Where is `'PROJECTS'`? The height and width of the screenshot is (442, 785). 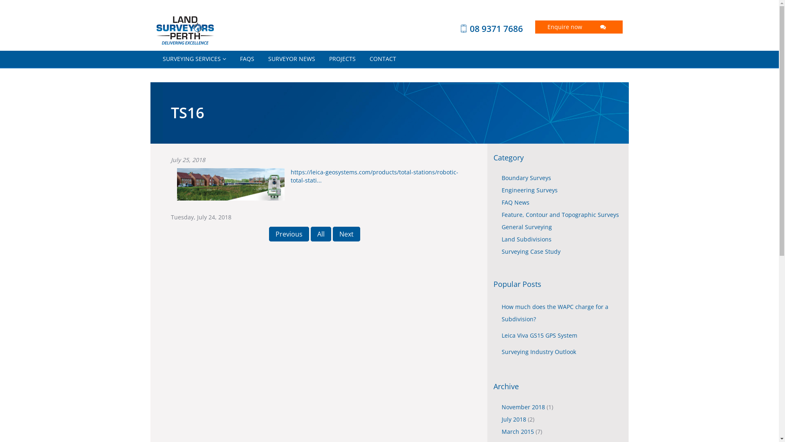
'PROJECTS' is located at coordinates (342, 58).